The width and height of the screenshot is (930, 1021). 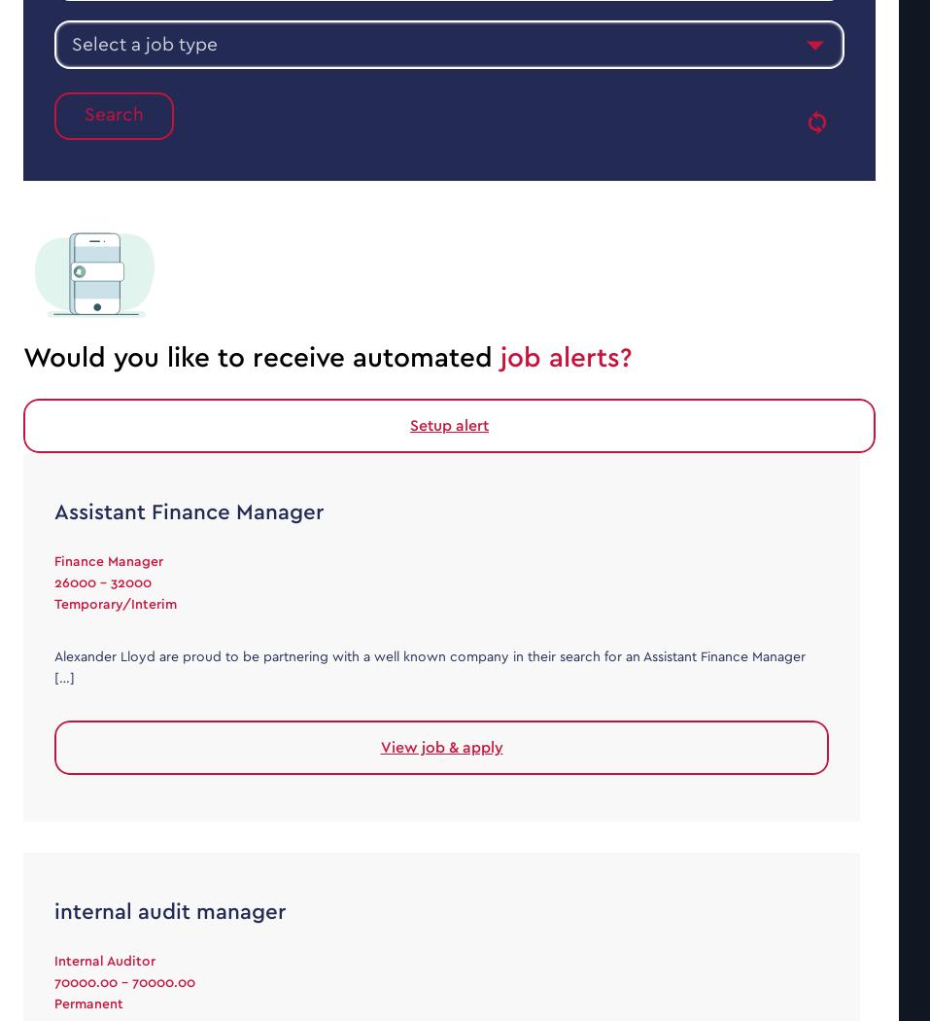 I want to click on 'View job & apply', so click(x=440, y=746).